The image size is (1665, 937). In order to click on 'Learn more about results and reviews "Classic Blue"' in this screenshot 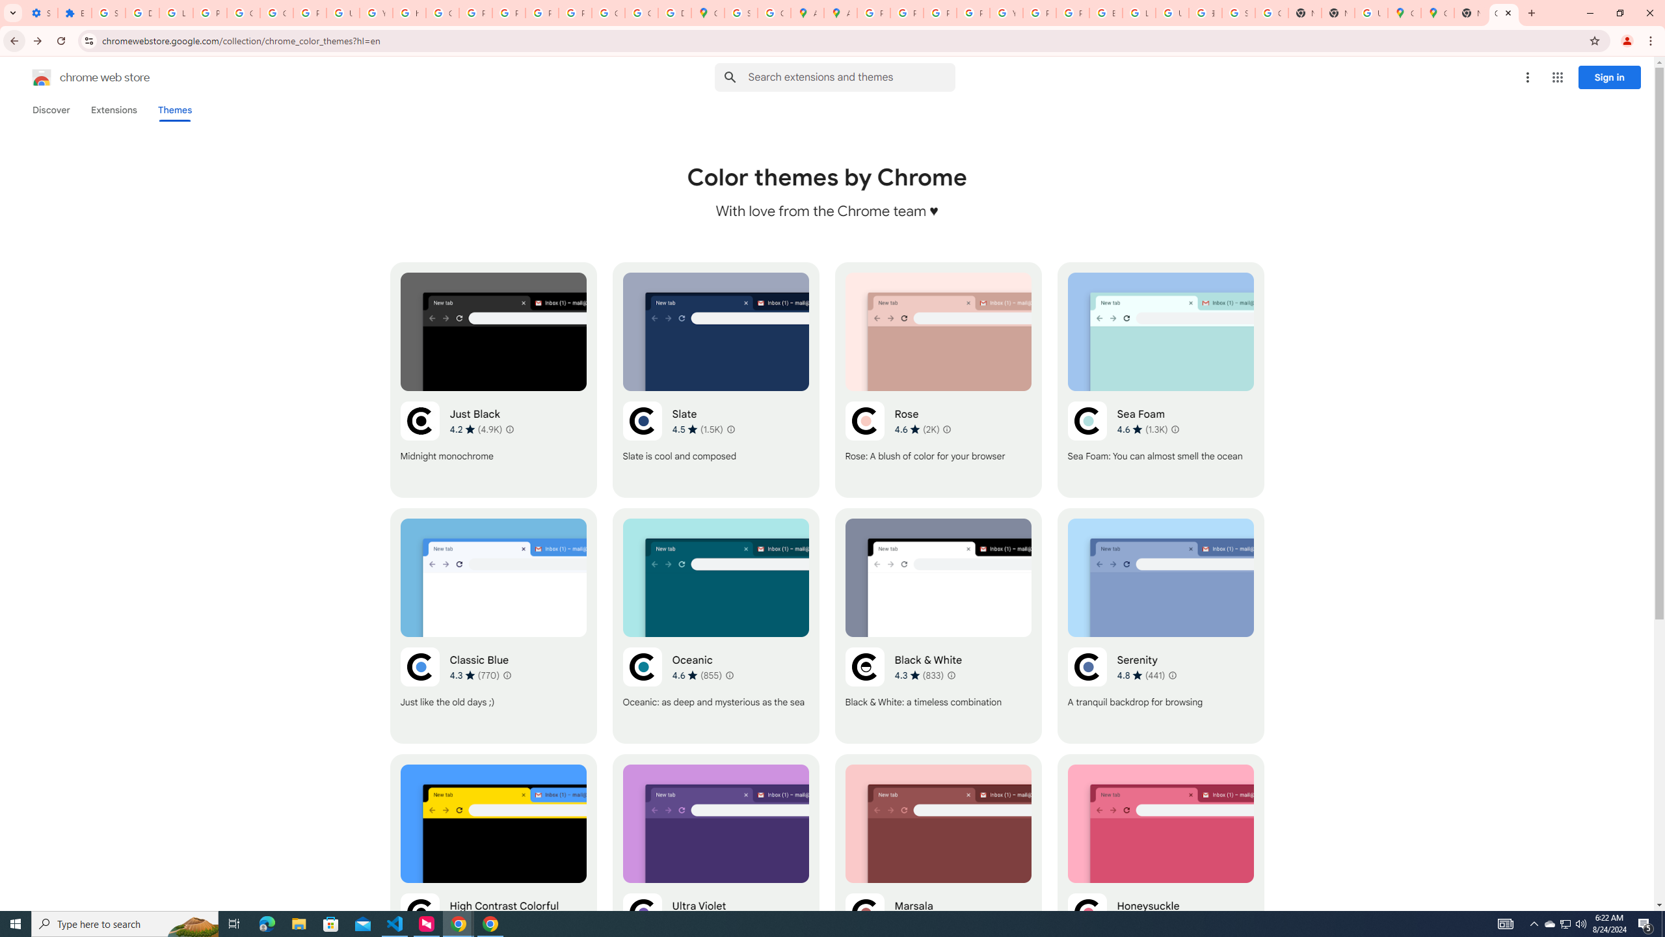, I will do `click(506, 675)`.